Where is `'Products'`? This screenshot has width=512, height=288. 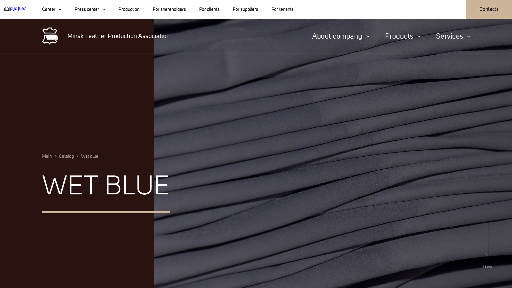
'Products' is located at coordinates (402, 36).